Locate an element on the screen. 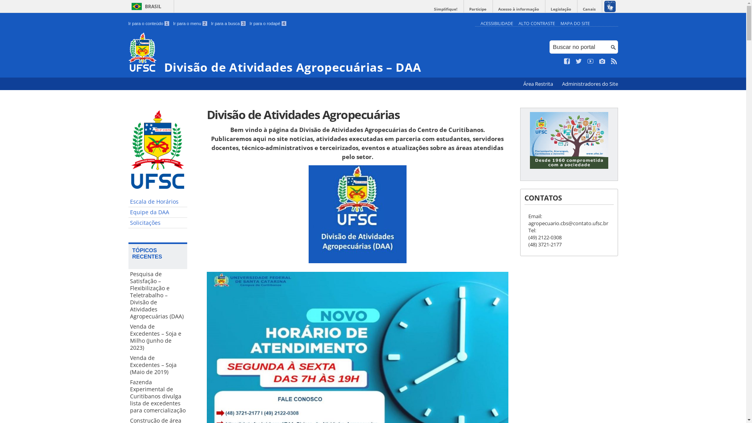  'Equipe da DAA' is located at coordinates (157, 212).